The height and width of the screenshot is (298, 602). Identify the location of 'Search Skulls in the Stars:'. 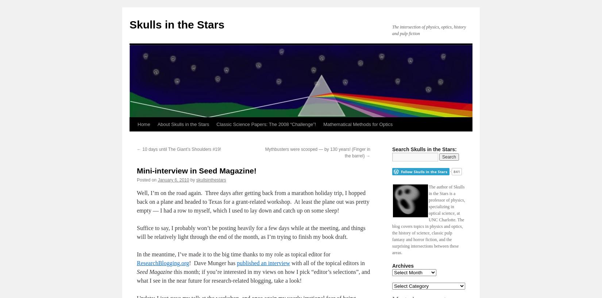
(392, 149).